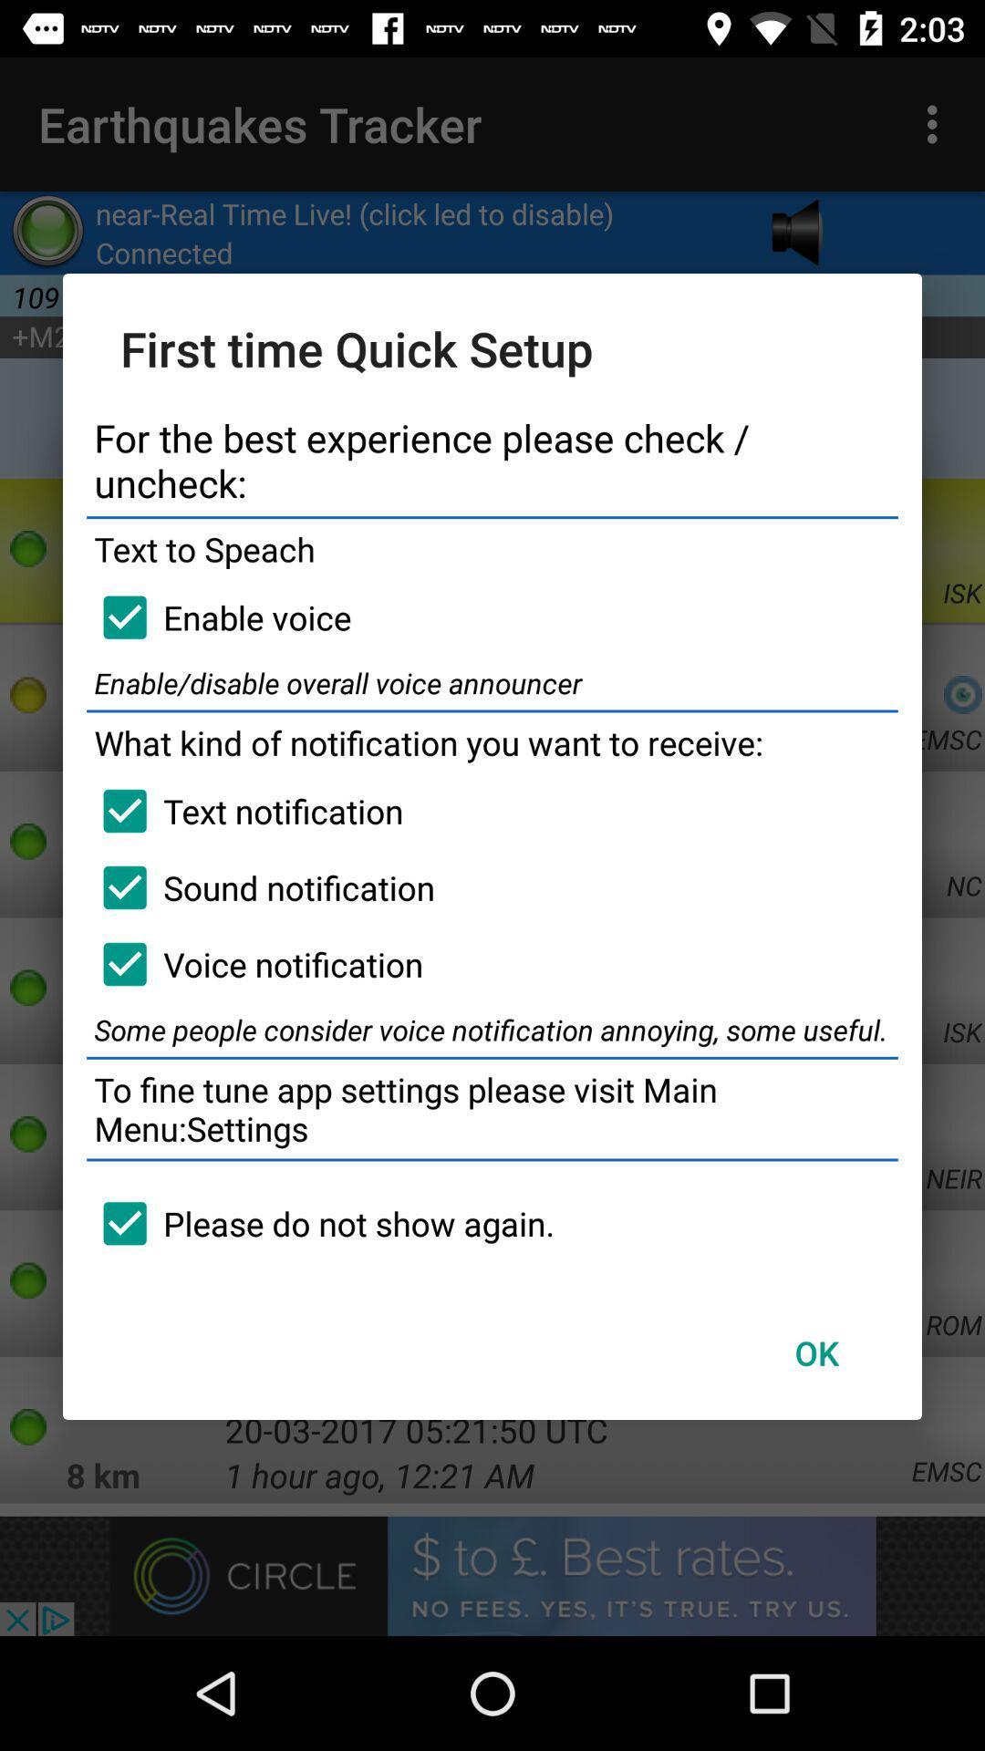 This screenshot has width=985, height=1751. What do you see at coordinates (244, 810) in the screenshot?
I see `icon below the what kind of icon` at bounding box center [244, 810].